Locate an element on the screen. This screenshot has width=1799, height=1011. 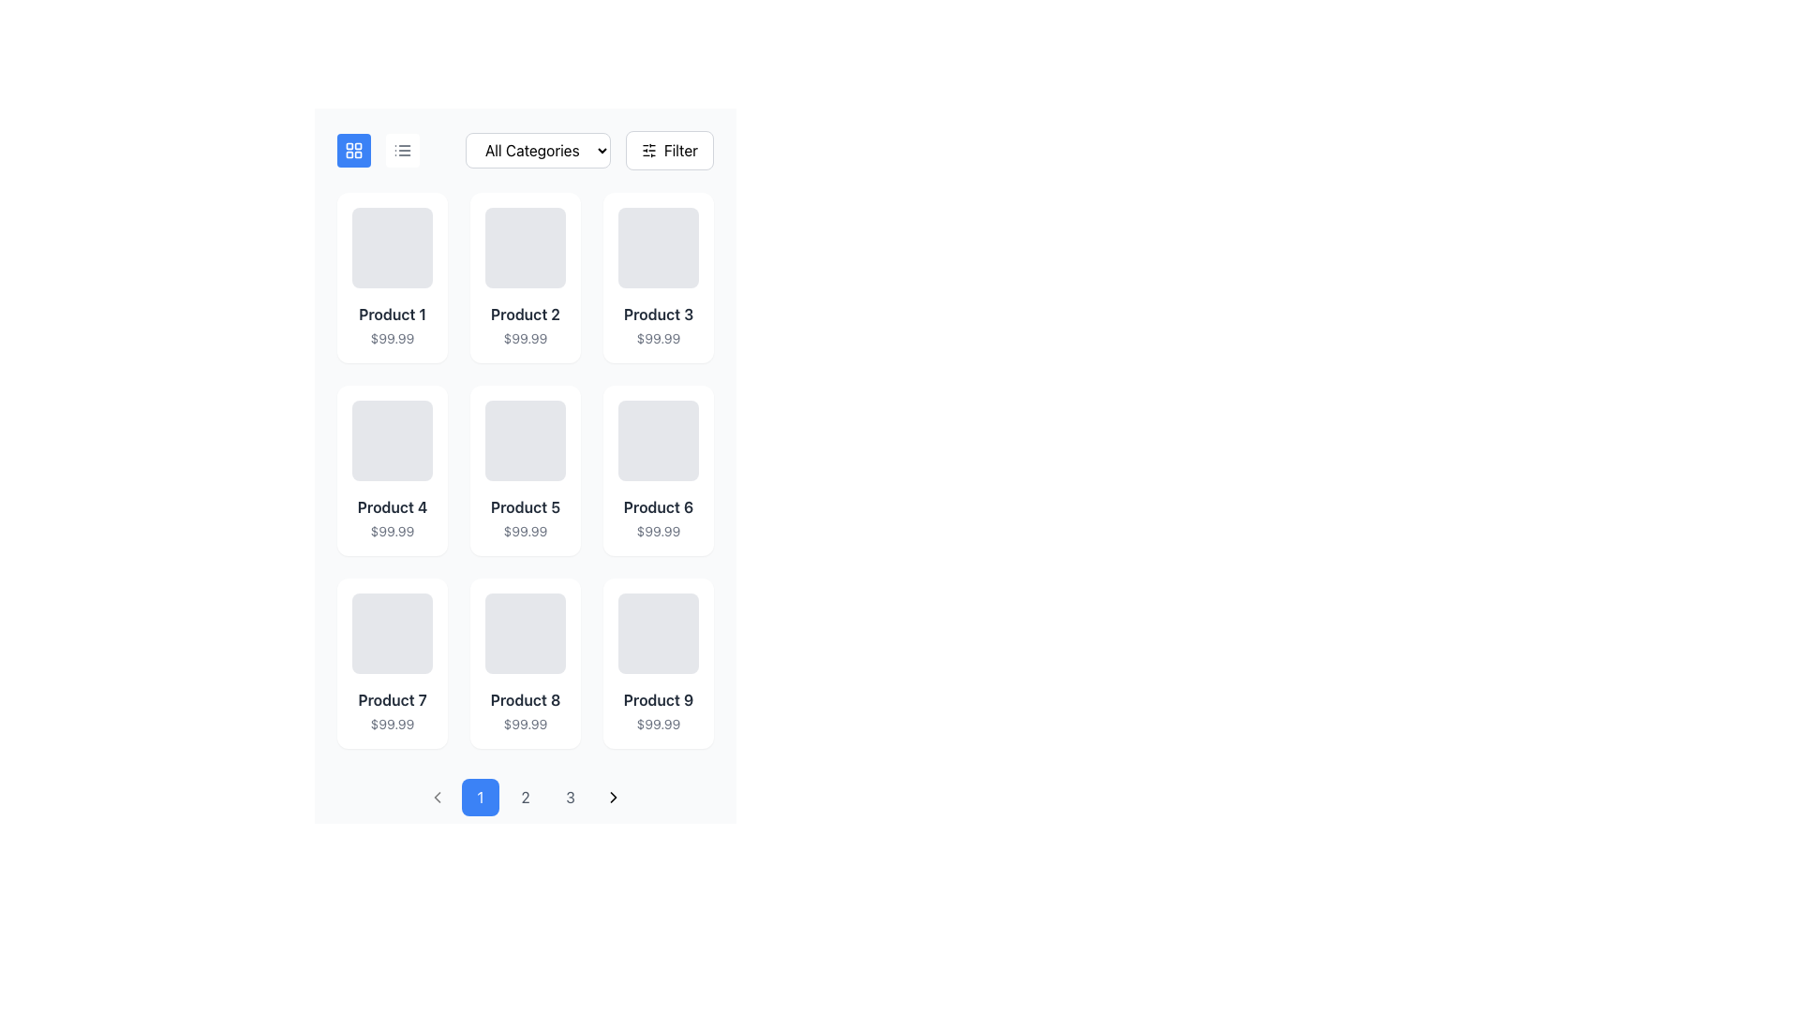
the text label displaying the price '$99.99' located beneath the title 'Product 3' in the grid layout of products is located at coordinates (658, 339).